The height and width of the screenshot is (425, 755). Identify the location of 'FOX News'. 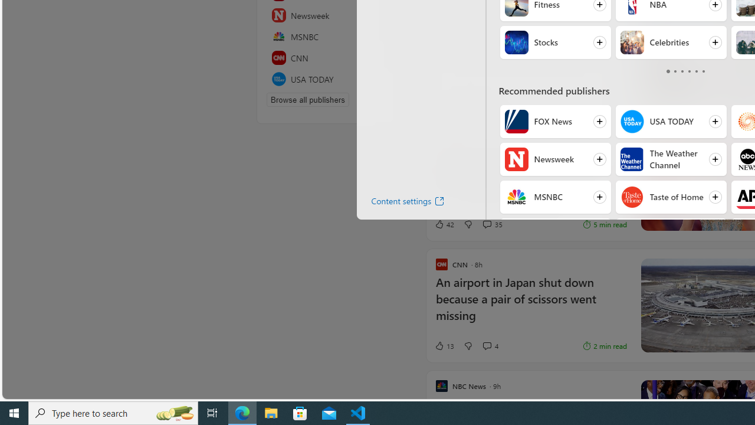
(516, 121).